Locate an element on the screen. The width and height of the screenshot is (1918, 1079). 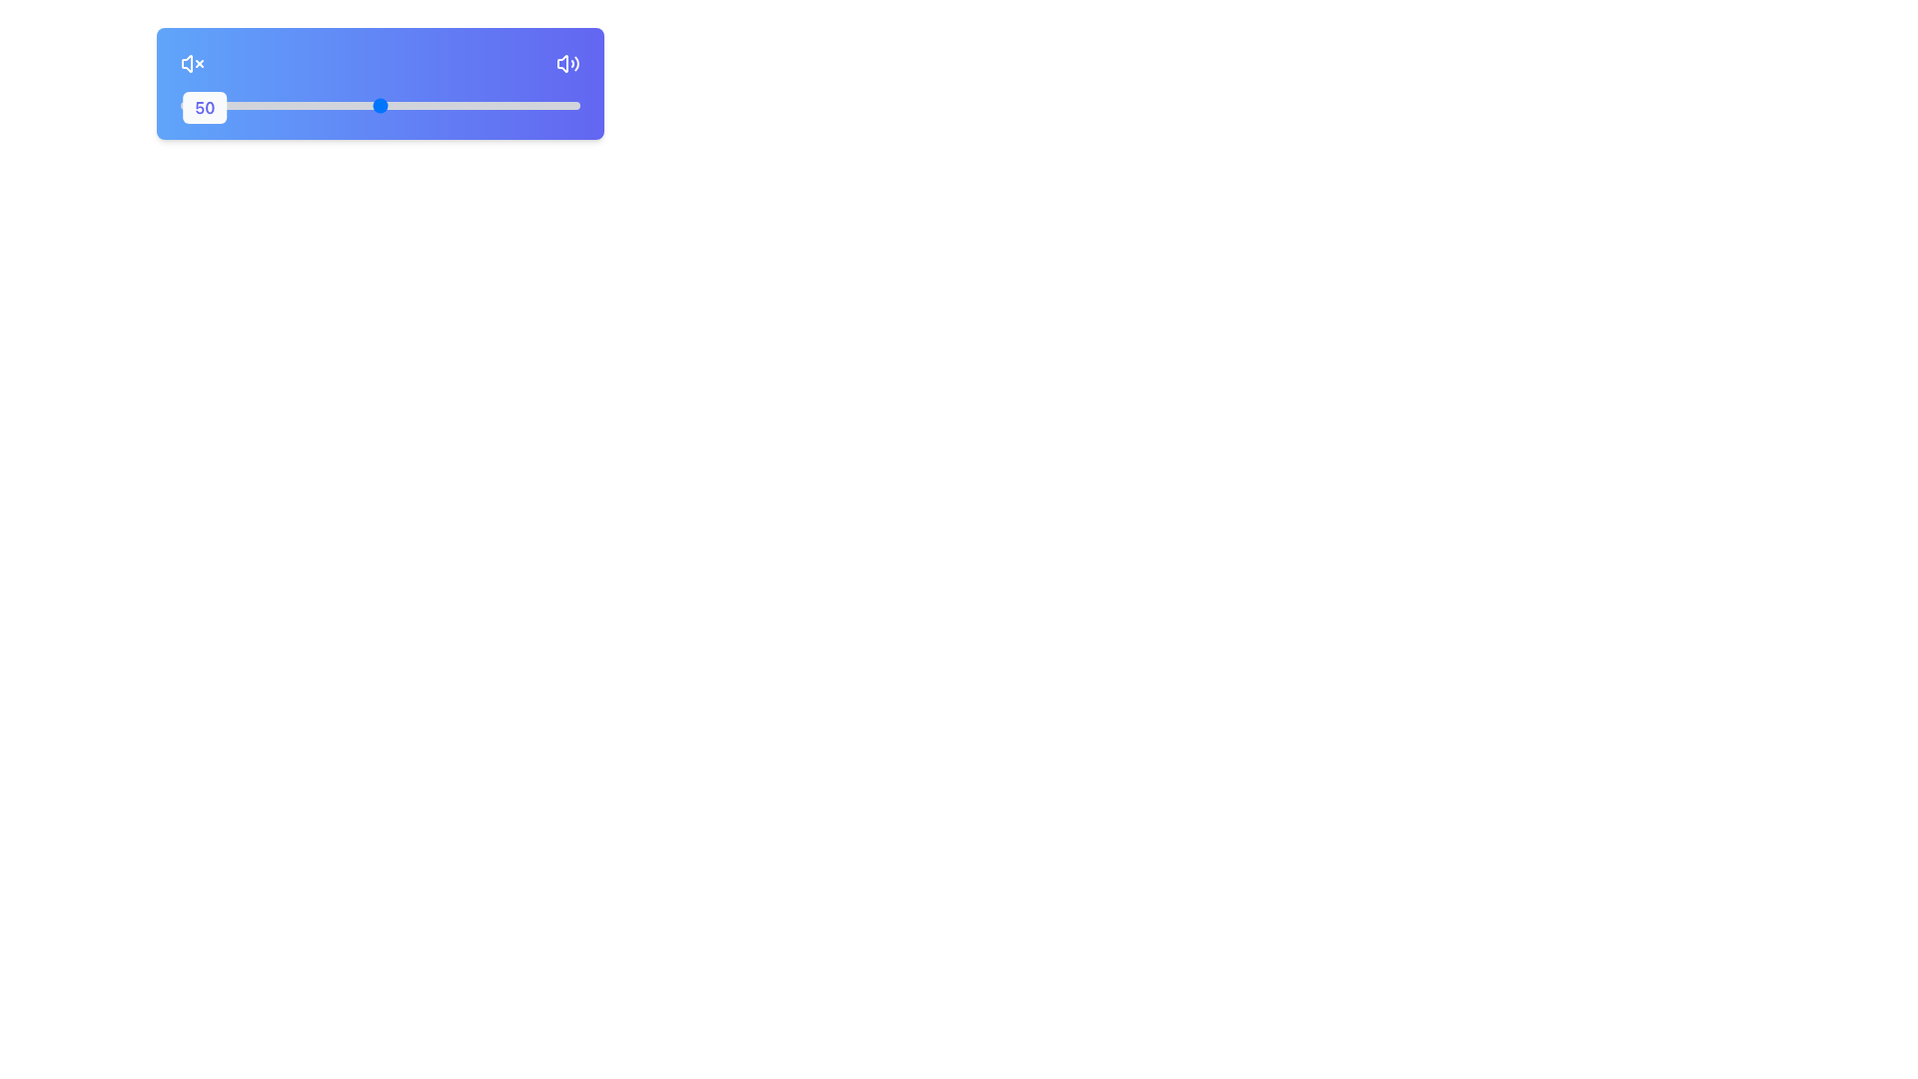
the slider value is located at coordinates (479, 105).